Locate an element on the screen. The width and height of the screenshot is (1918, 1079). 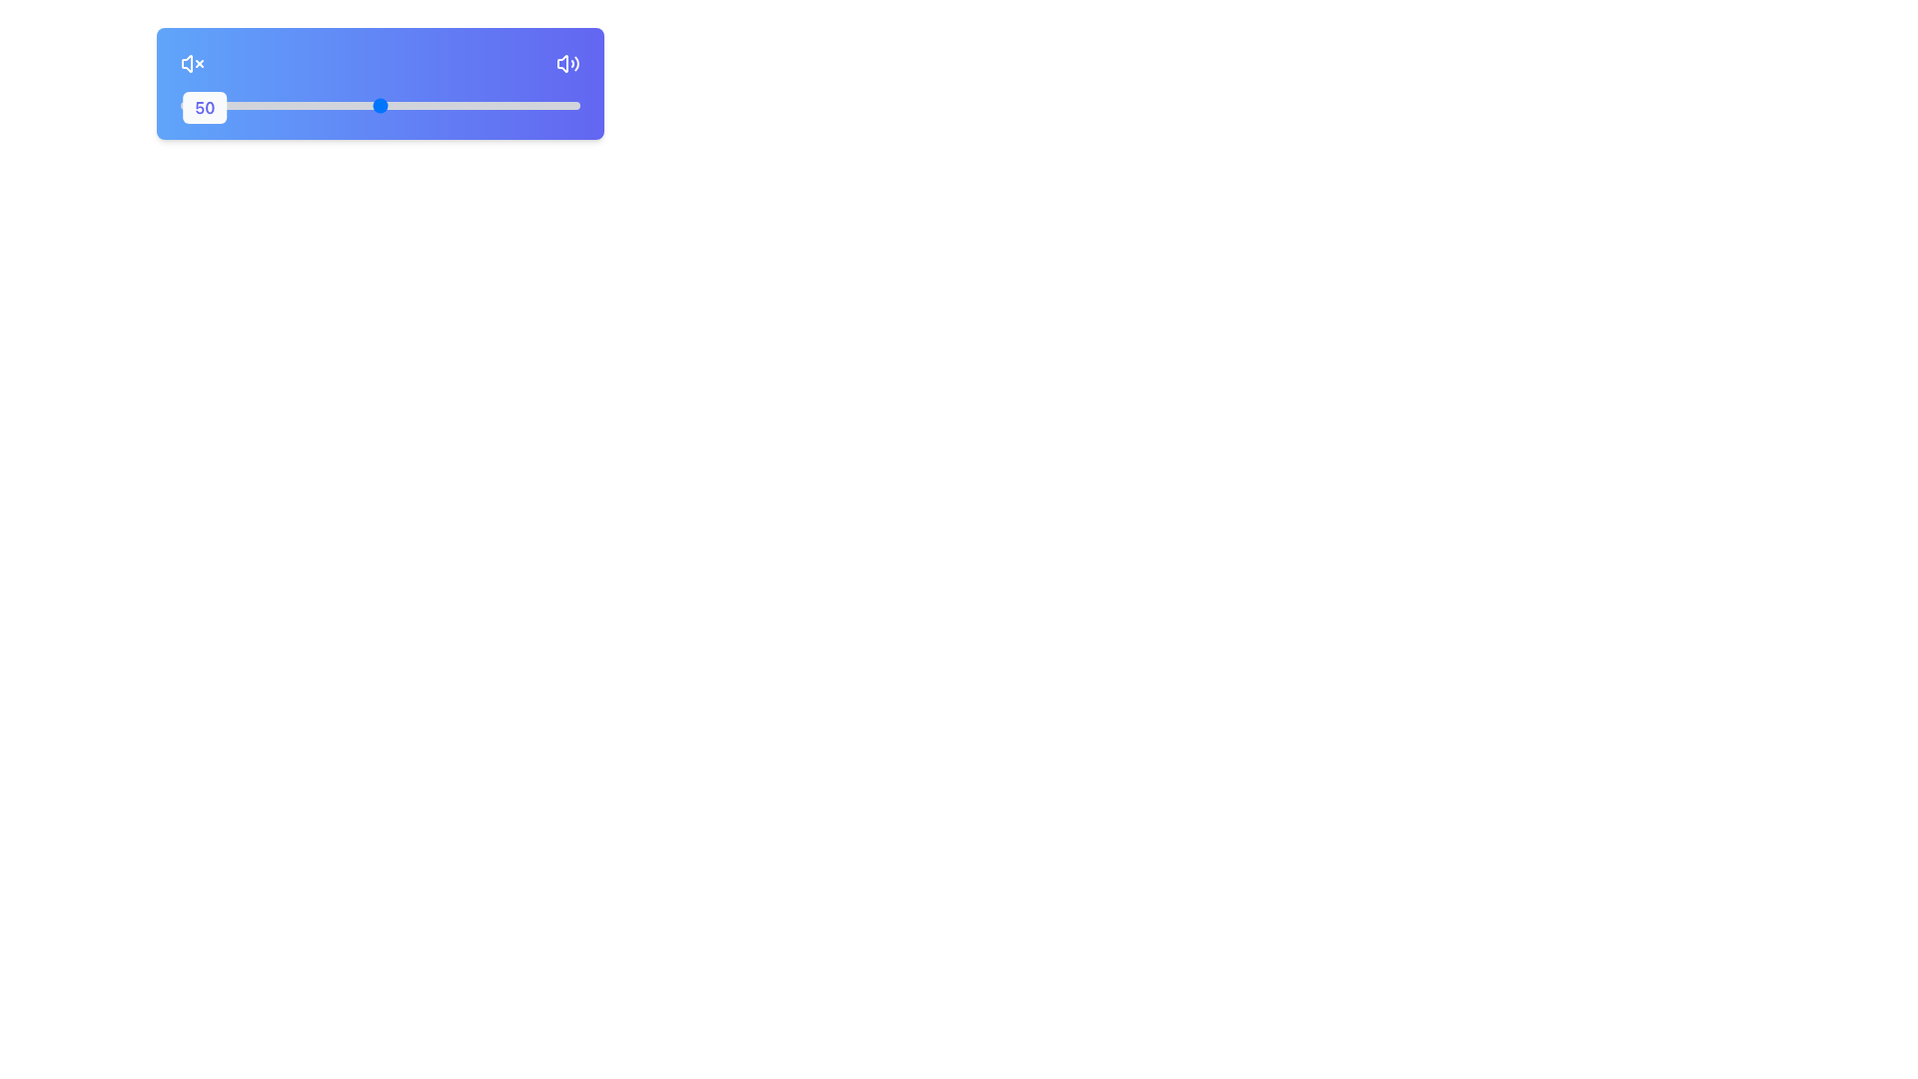
the slider value is located at coordinates (479, 105).